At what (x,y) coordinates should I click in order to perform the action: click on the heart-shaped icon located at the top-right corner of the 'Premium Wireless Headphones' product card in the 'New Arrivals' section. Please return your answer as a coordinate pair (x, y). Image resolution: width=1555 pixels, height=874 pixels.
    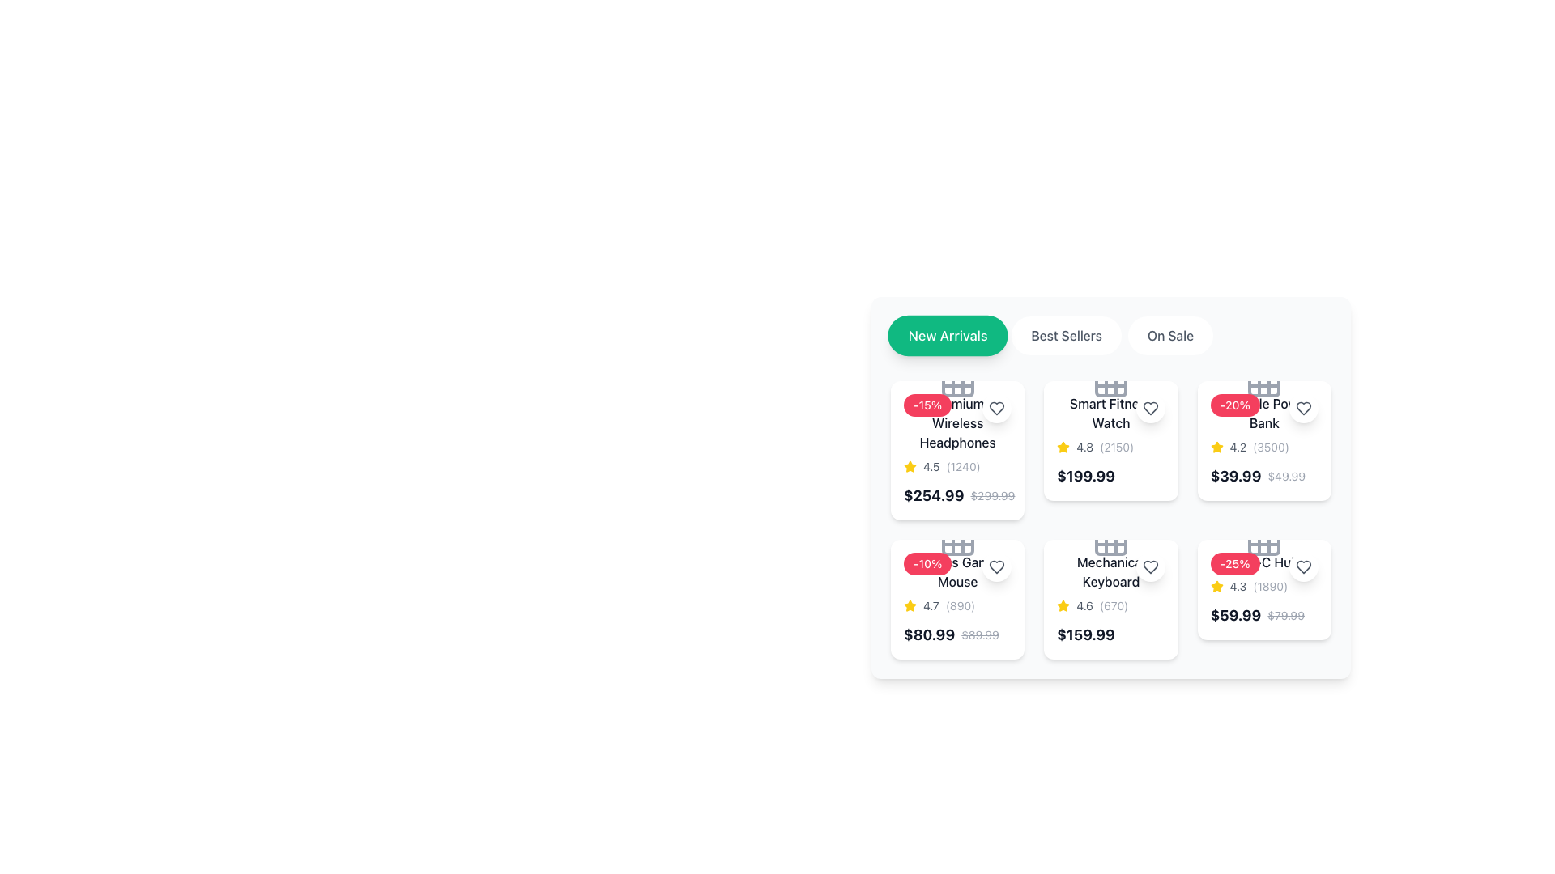
    Looking at the image, I should click on (996, 408).